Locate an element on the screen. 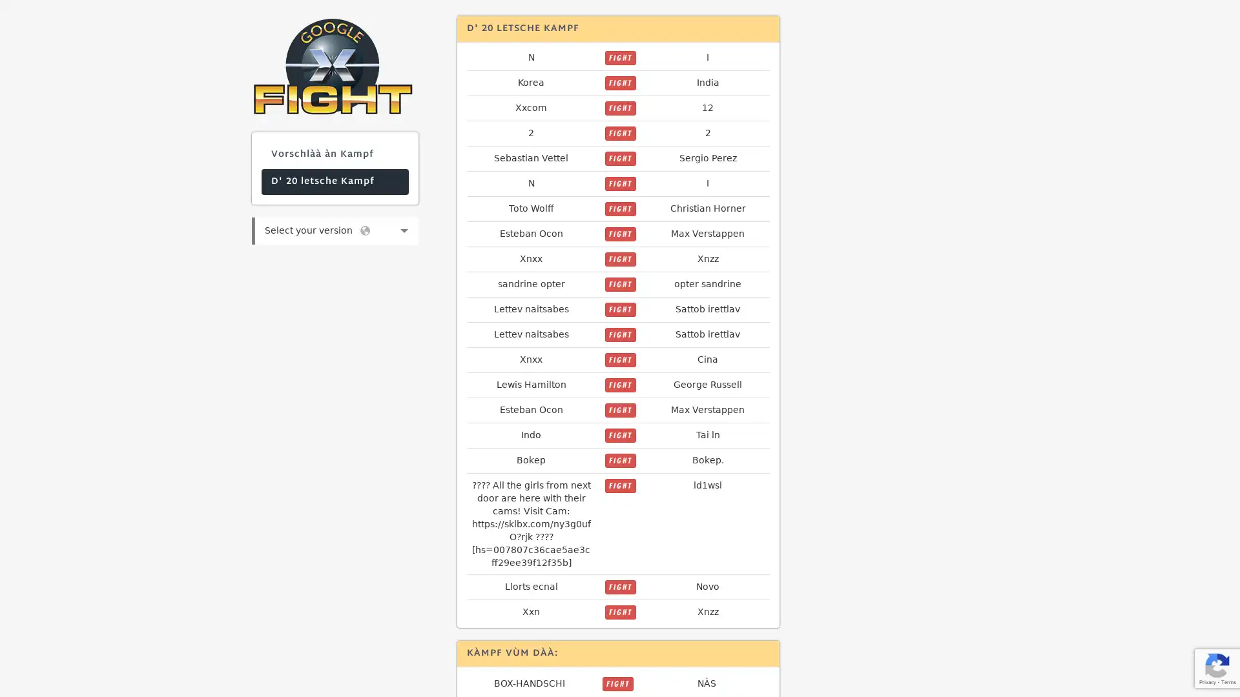 The width and height of the screenshot is (1240, 697). FIGHT is located at coordinates (620, 134).